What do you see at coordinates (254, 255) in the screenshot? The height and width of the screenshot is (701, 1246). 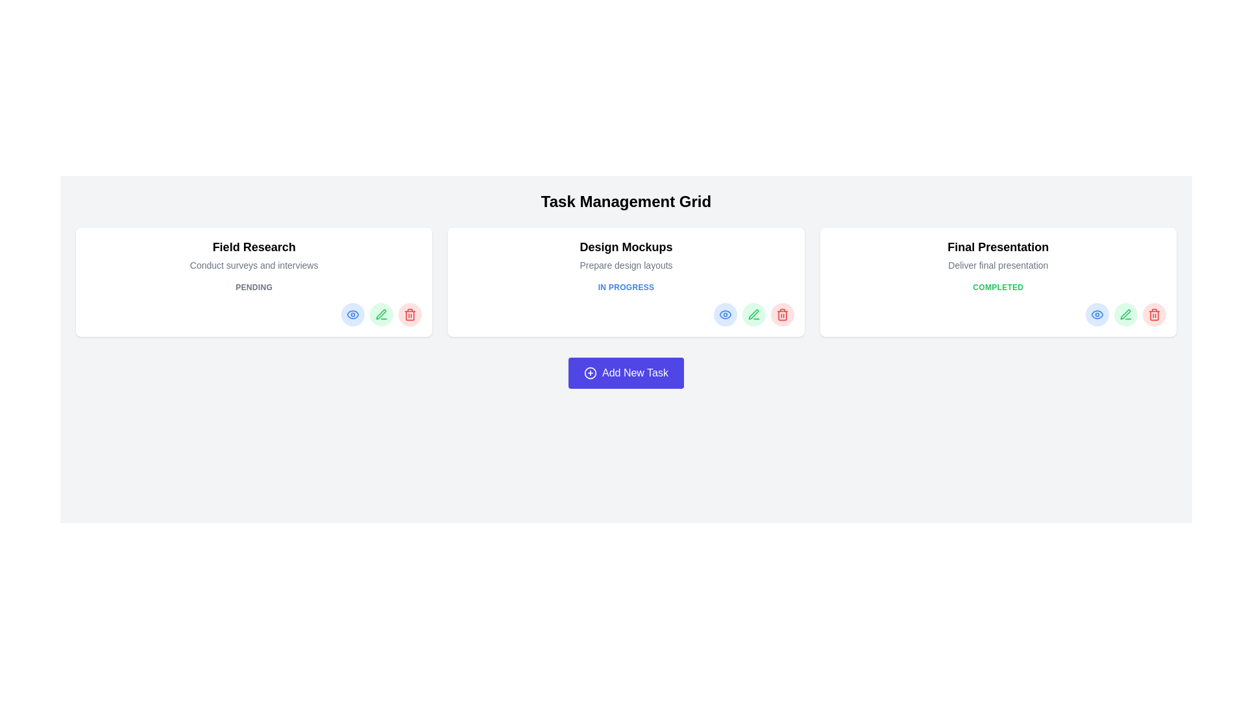 I see `displayed text from the text block containing the header 'Field Research' and the descriptor 'Conduct surveys and interviews', located at the top-left of its card within a grid of three cards` at bounding box center [254, 255].